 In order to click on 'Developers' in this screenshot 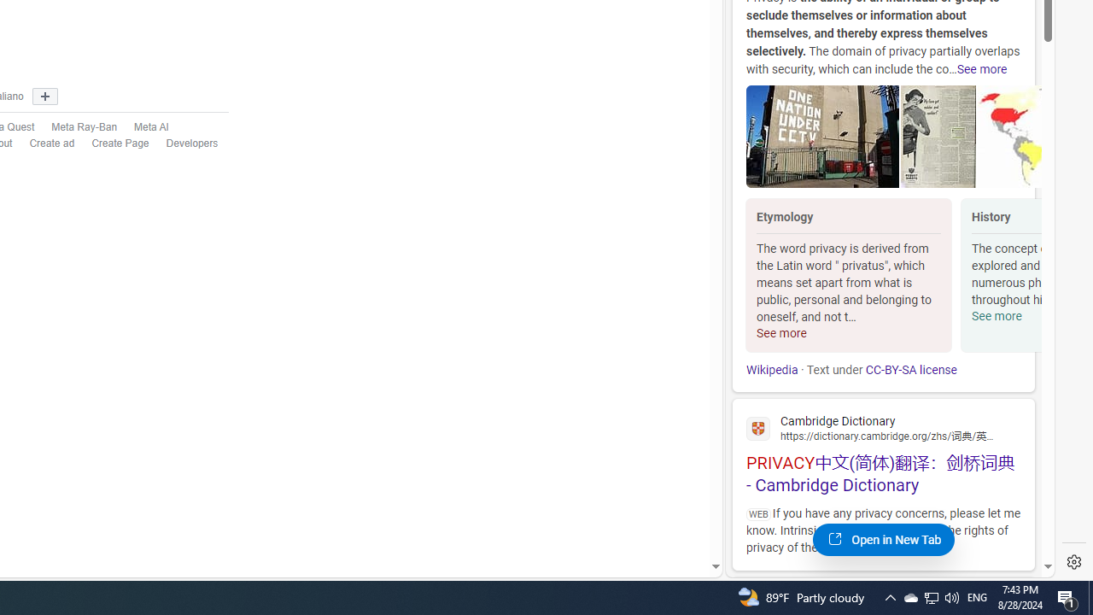, I will do `click(184, 143)`.